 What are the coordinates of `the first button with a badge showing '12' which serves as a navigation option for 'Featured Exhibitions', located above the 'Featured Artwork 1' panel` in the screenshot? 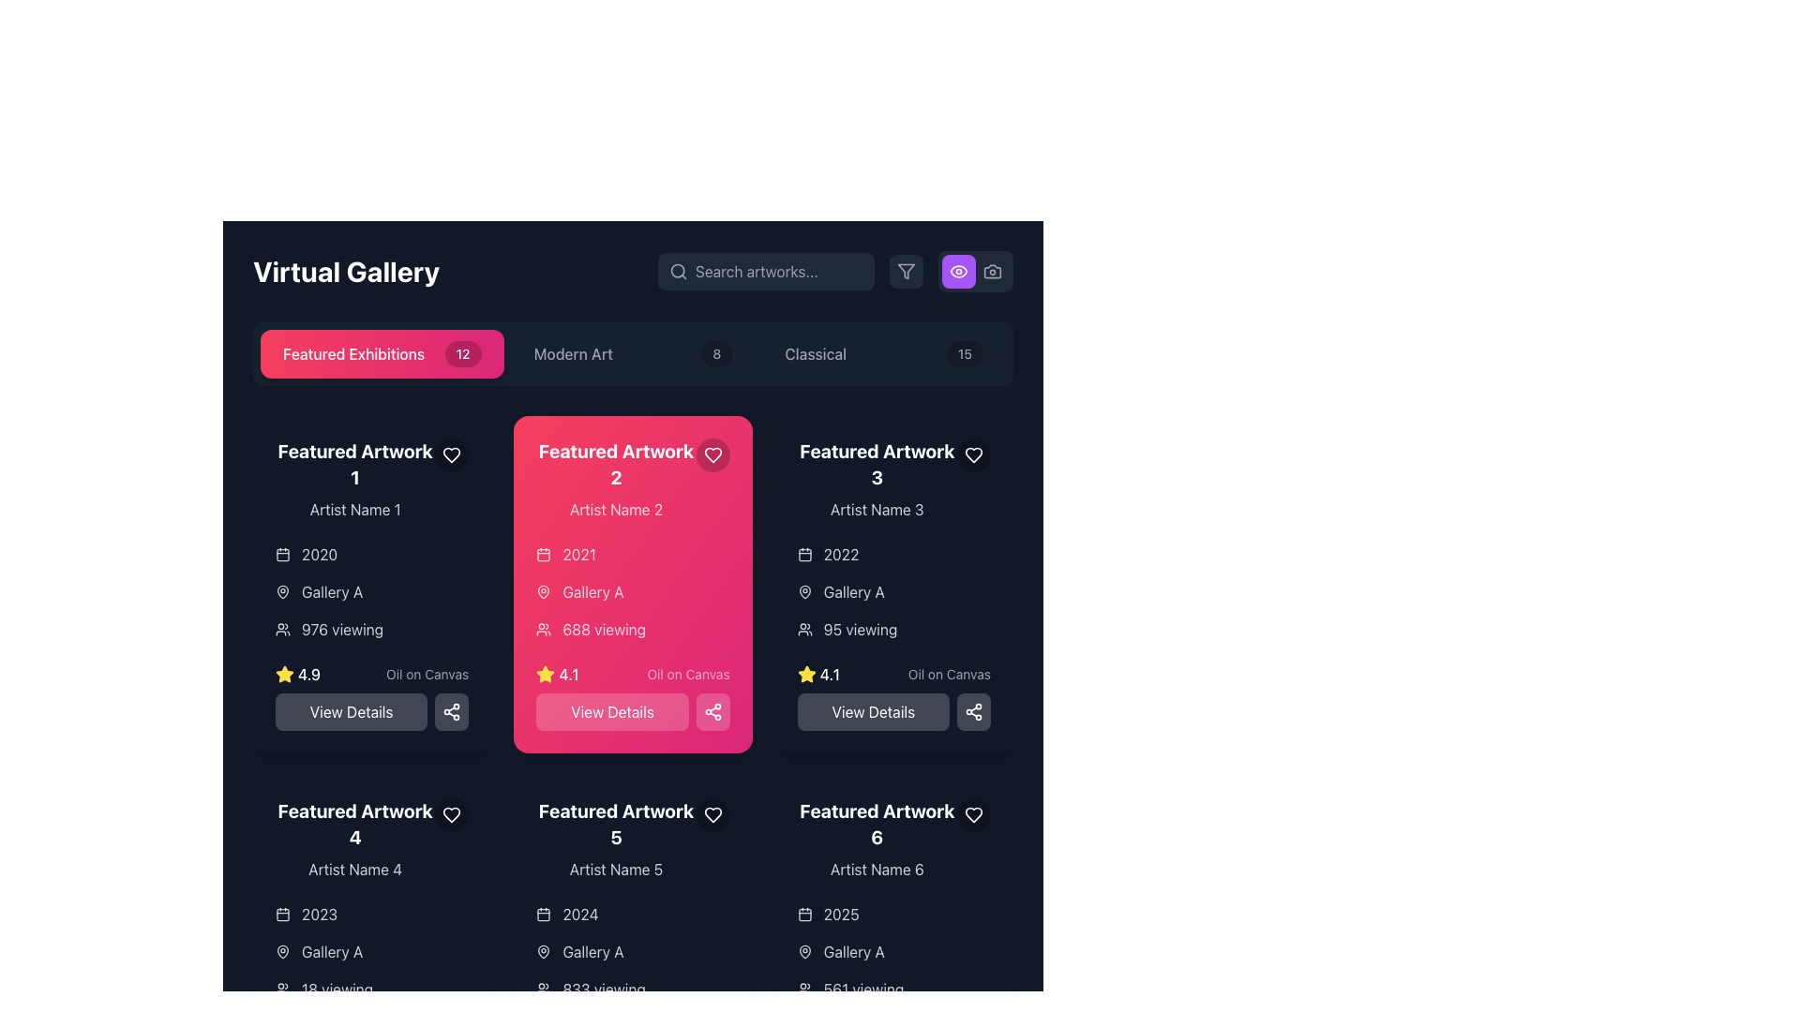 It's located at (381, 354).